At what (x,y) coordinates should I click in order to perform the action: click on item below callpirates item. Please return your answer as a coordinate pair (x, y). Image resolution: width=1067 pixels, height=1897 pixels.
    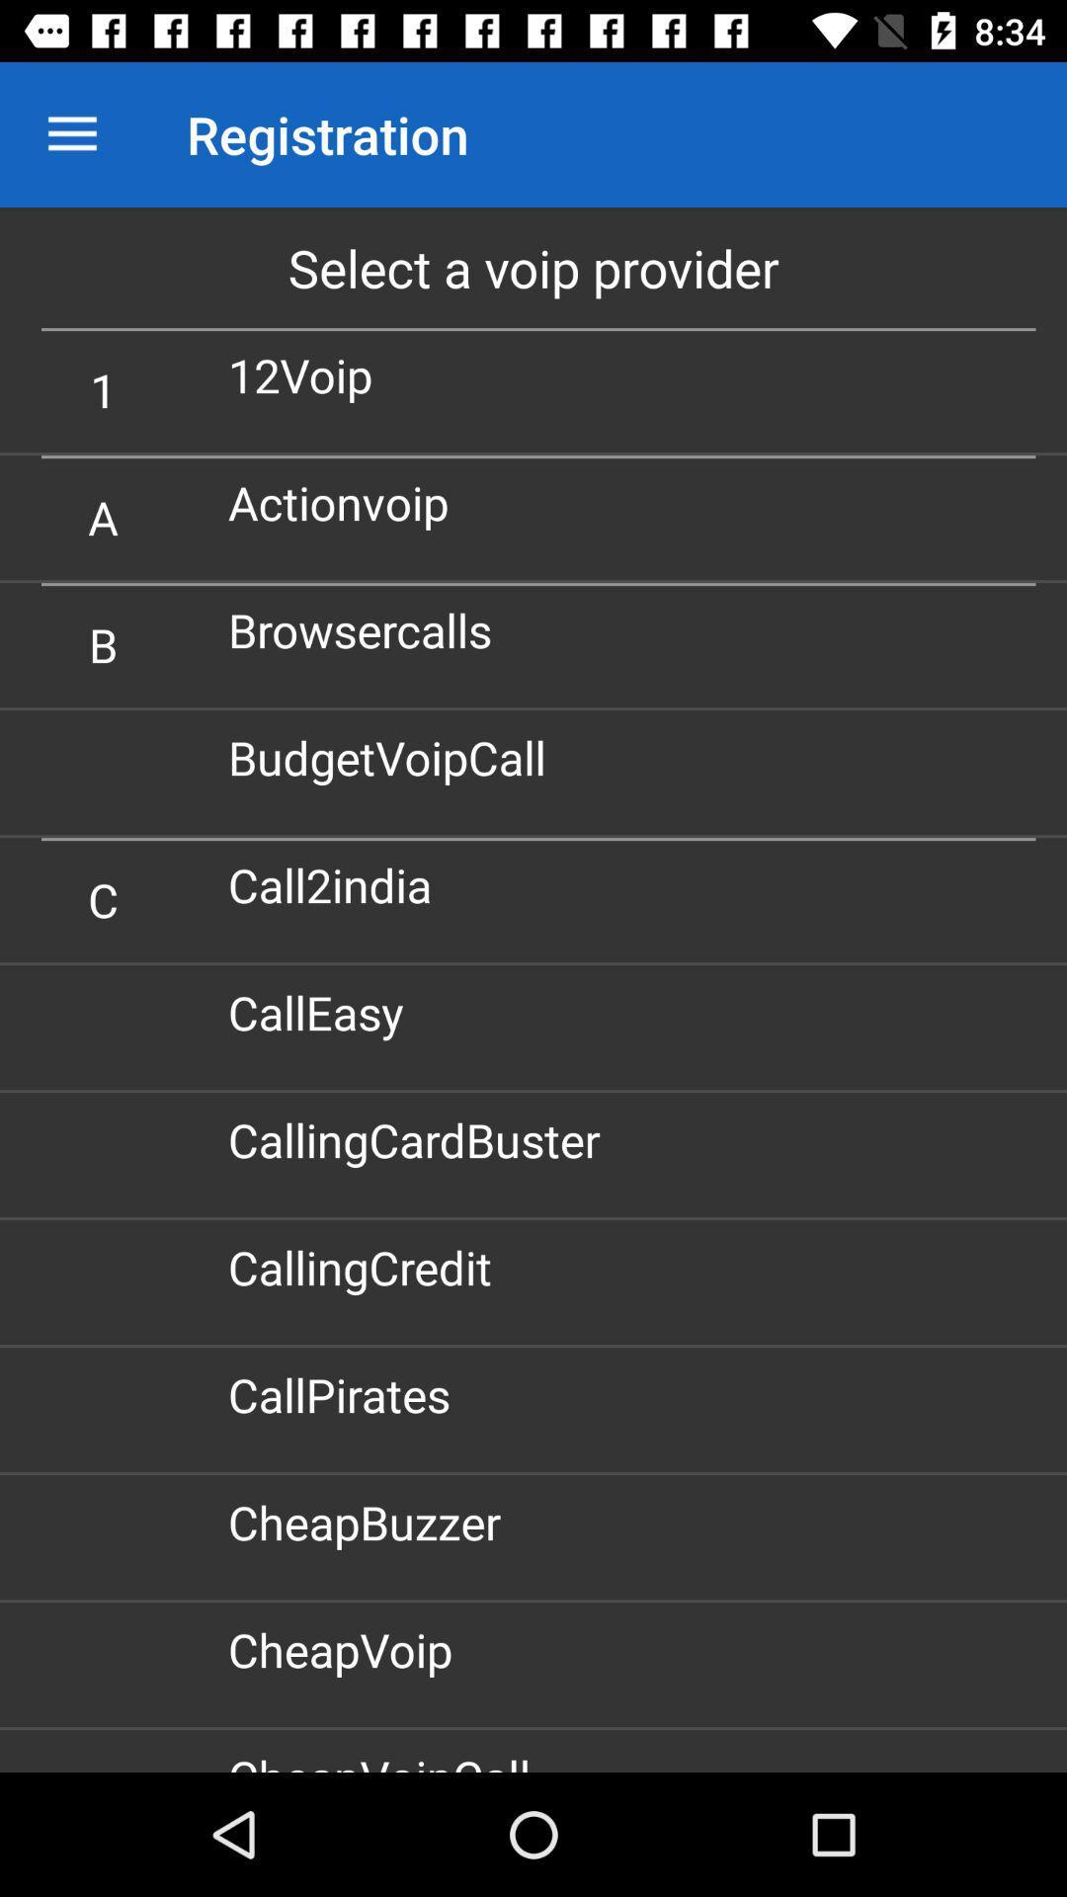
    Looking at the image, I should click on (371, 1521).